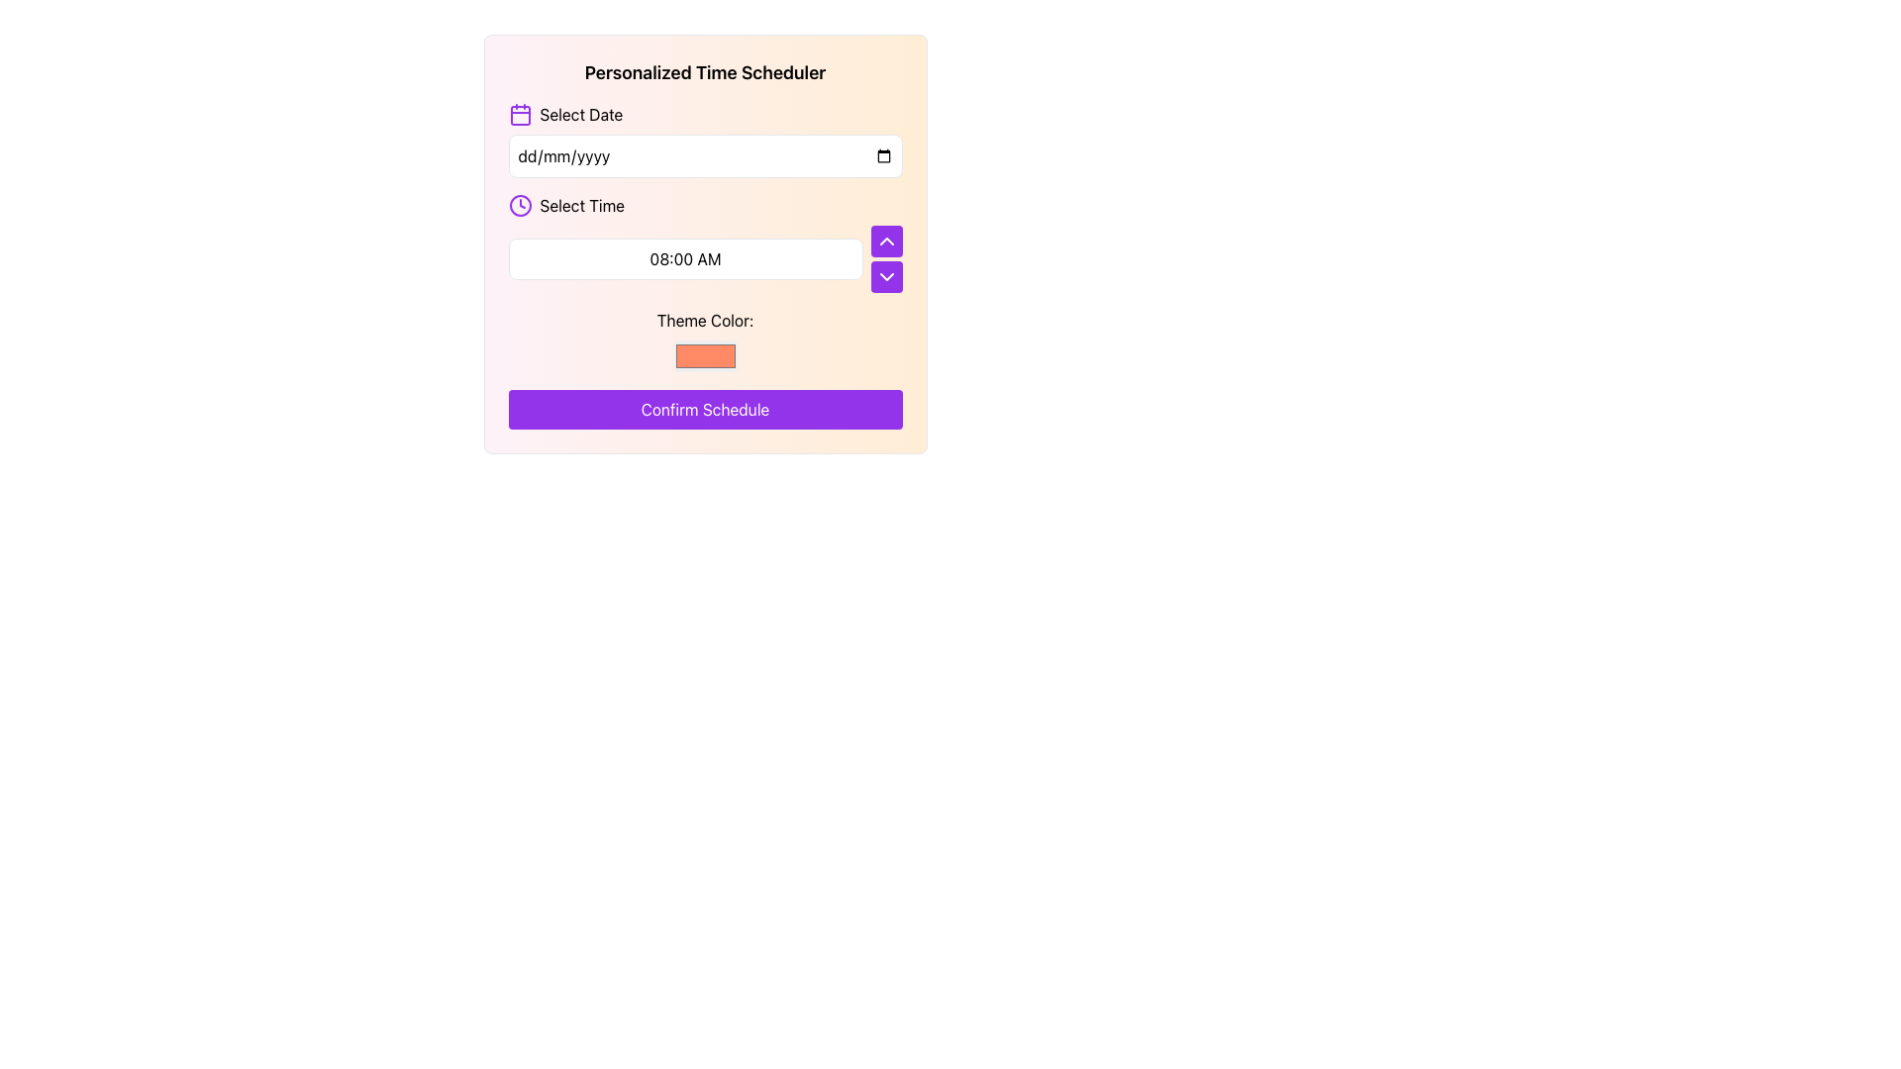 The image size is (1901, 1069). What do you see at coordinates (705, 320) in the screenshot?
I see `the 'Theme Color:' text label located above the color display box, which is styled with a block display and has bottom margin` at bounding box center [705, 320].